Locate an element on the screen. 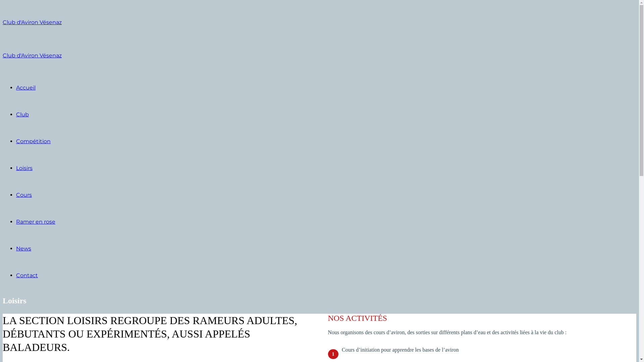  'Cours' is located at coordinates (24, 195).